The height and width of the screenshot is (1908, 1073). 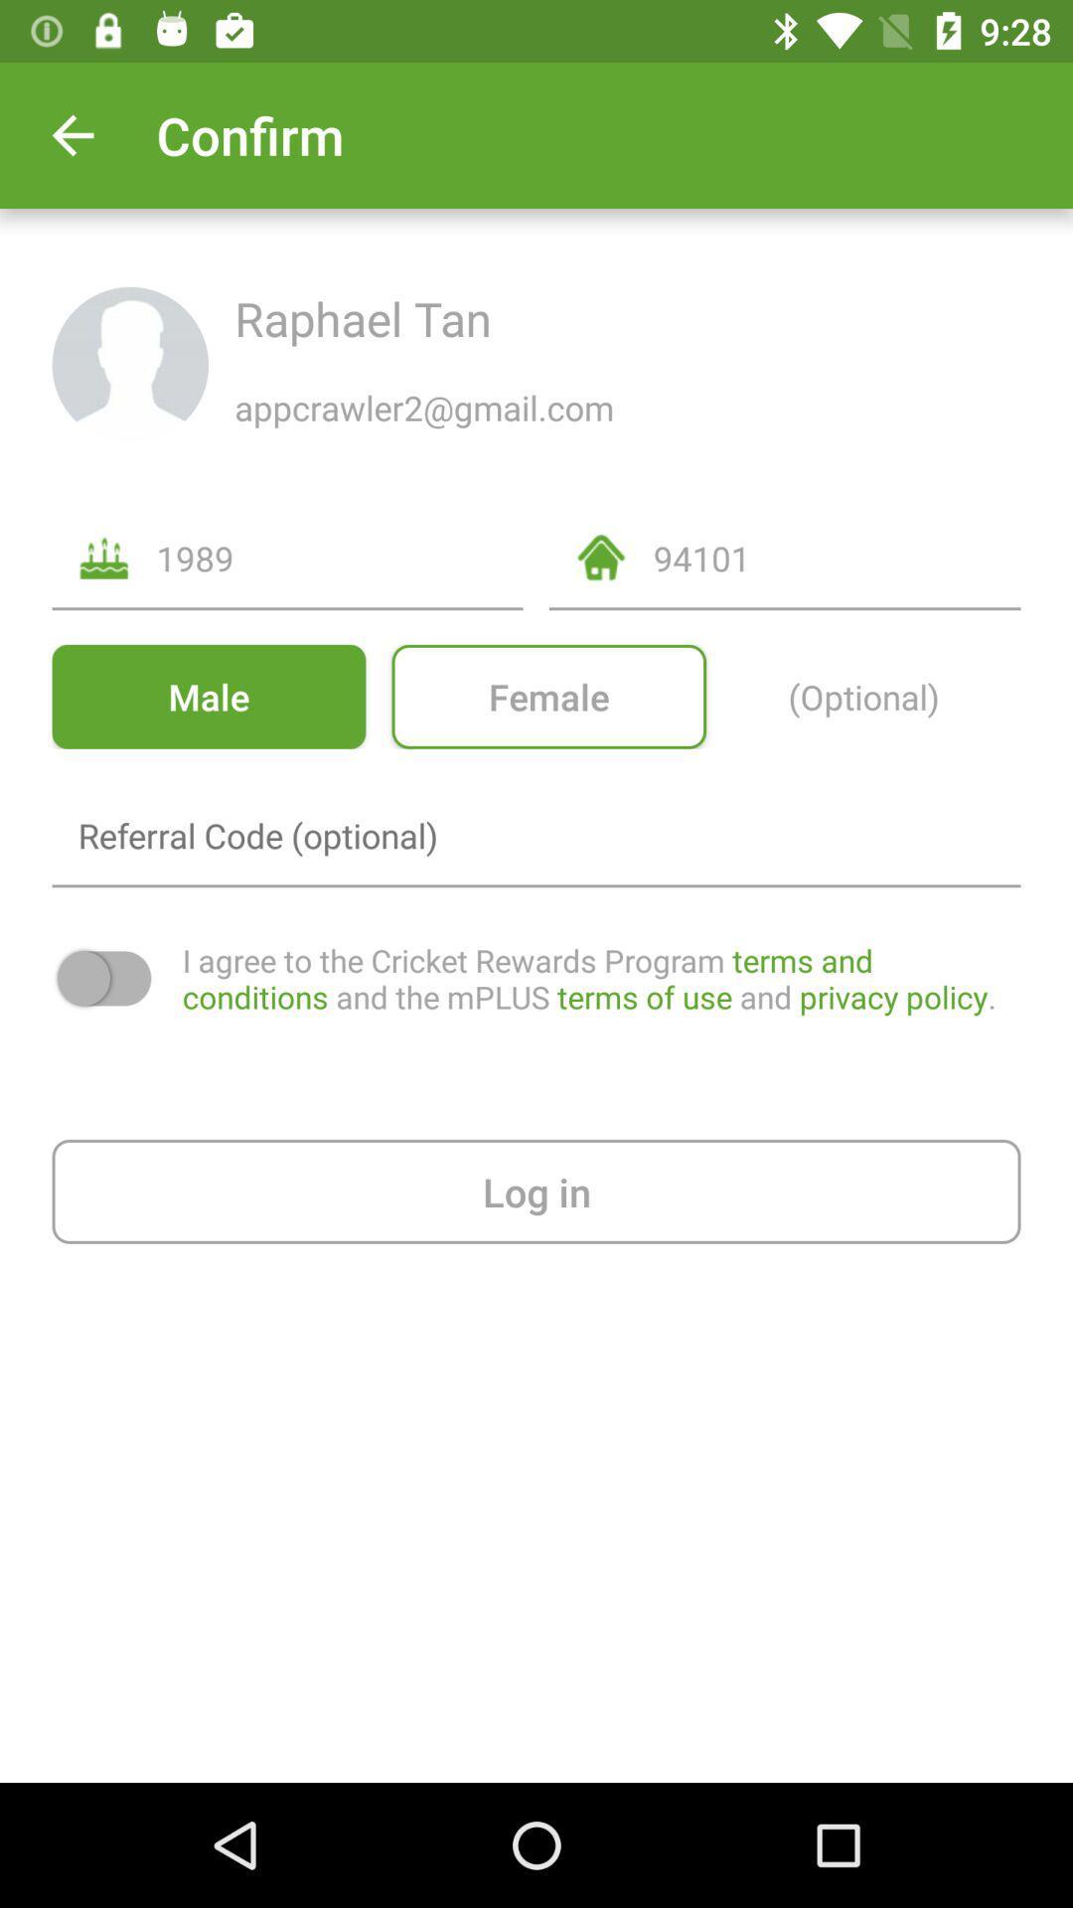 I want to click on the male icon, so click(x=209, y=697).